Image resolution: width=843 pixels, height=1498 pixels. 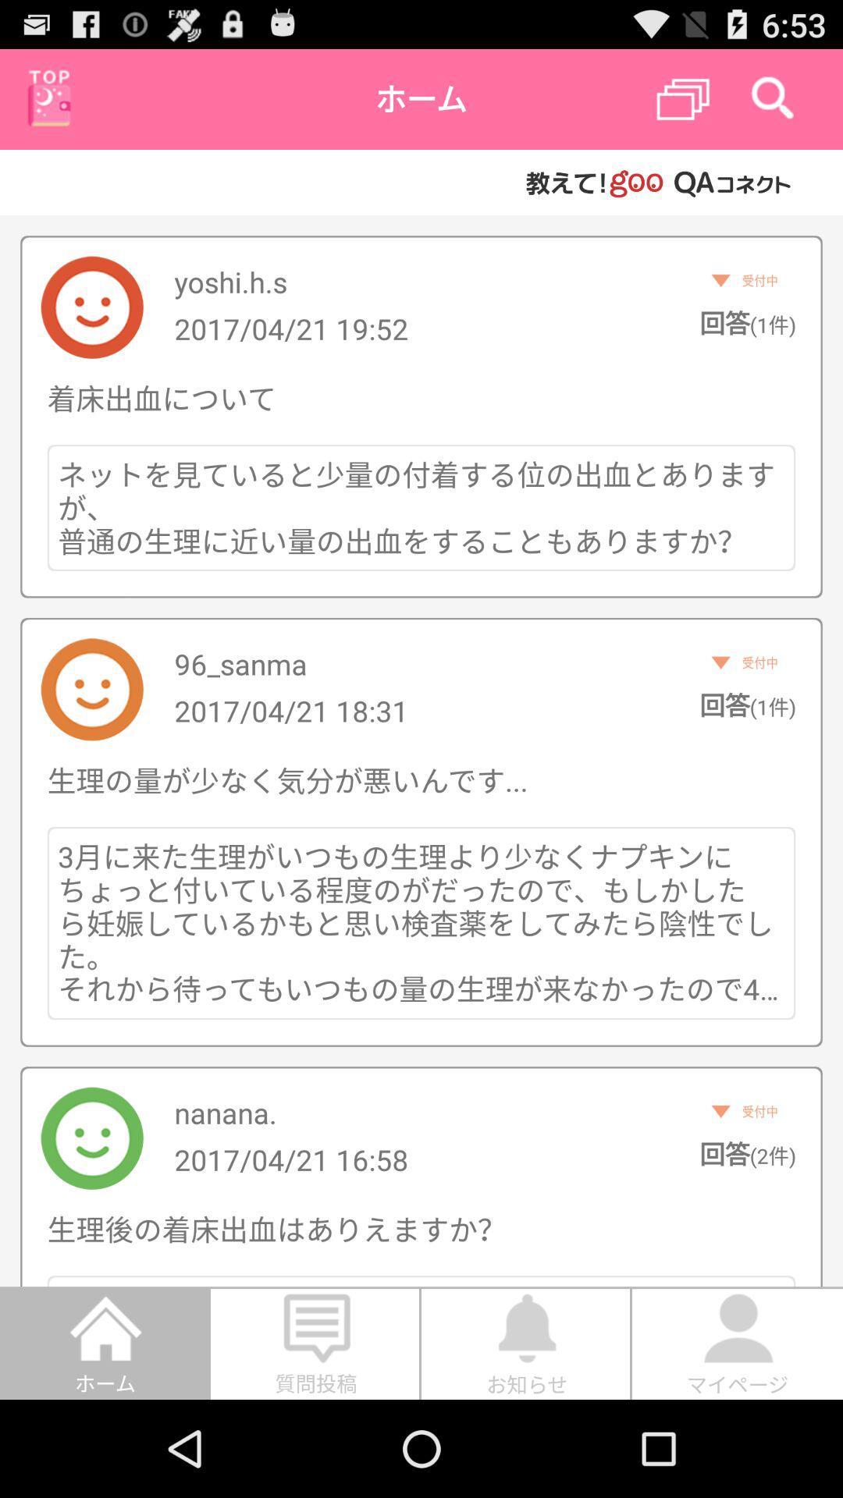 What do you see at coordinates (92, 1138) in the screenshot?
I see `the last image` at bounding box center [92, 1138].